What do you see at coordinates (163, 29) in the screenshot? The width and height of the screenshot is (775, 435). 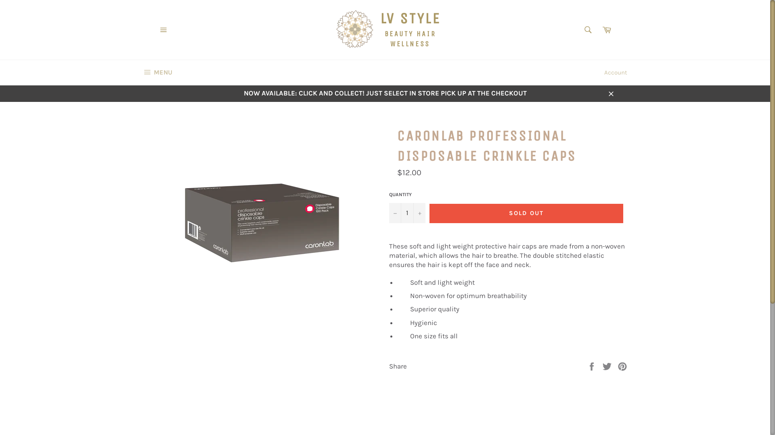 I see `'Site navigation'` at bounding box center [163, 29].